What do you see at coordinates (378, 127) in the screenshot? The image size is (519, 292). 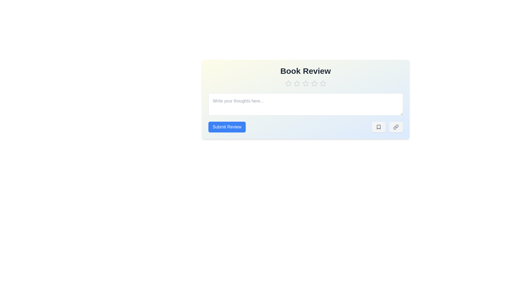 I see `the bookmark button to bookmark the review` at bounding box center [378, 127].